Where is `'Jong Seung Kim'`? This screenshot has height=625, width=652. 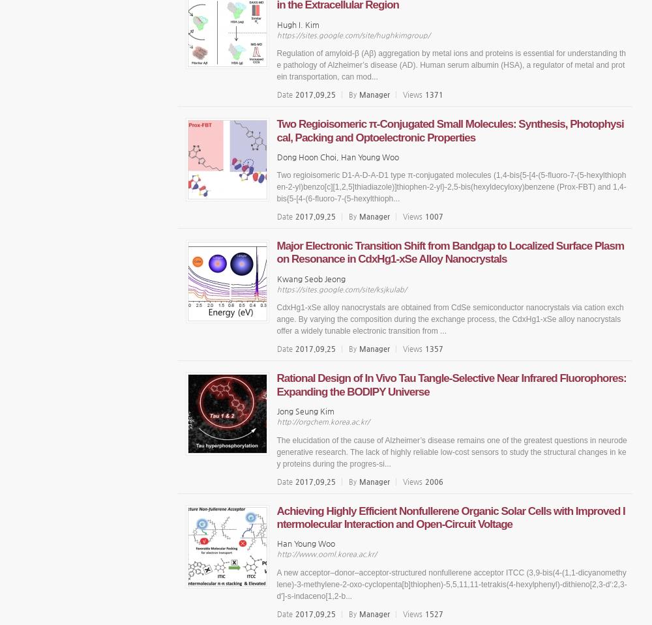 'Jong Seung Kim' is located at coordinates (304, 411).